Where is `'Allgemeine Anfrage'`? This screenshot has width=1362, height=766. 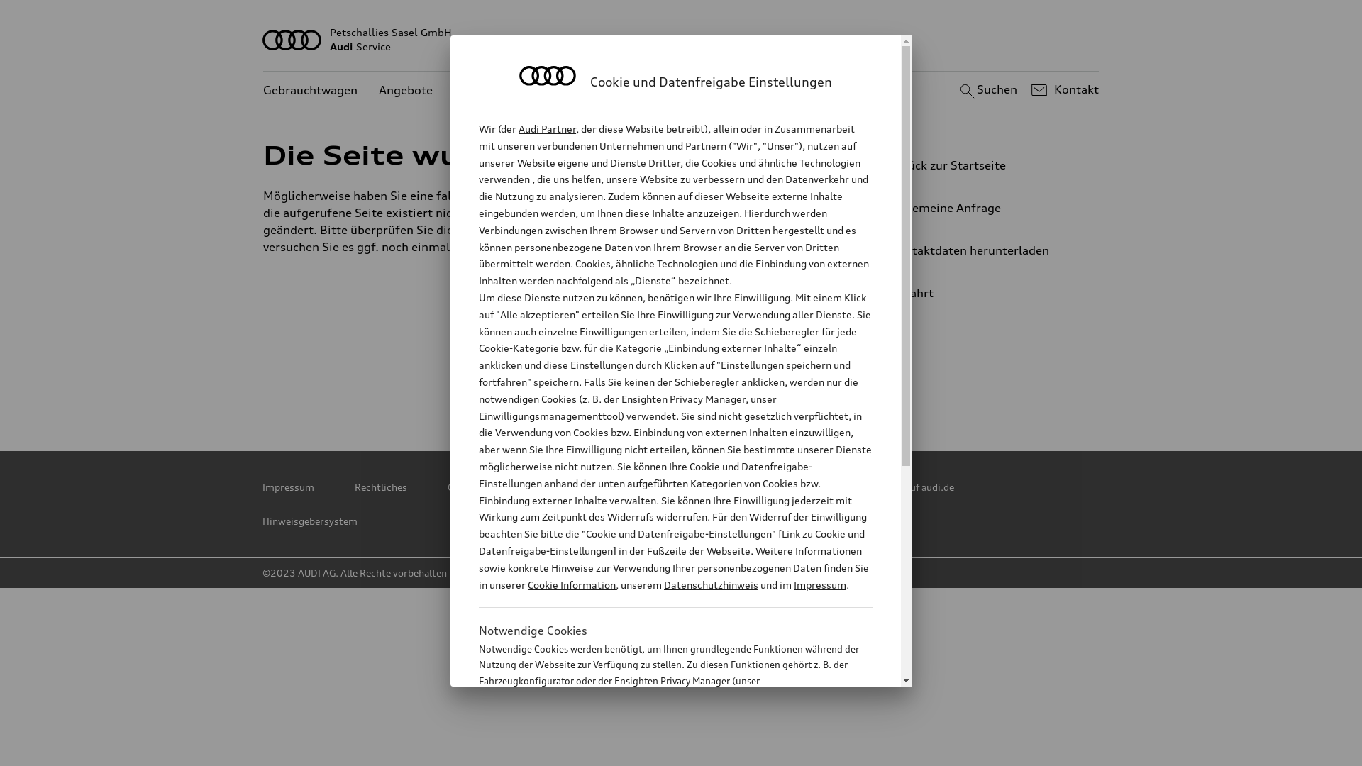
'Allgemeine Anfrage' is located at coordinates (975, 208).